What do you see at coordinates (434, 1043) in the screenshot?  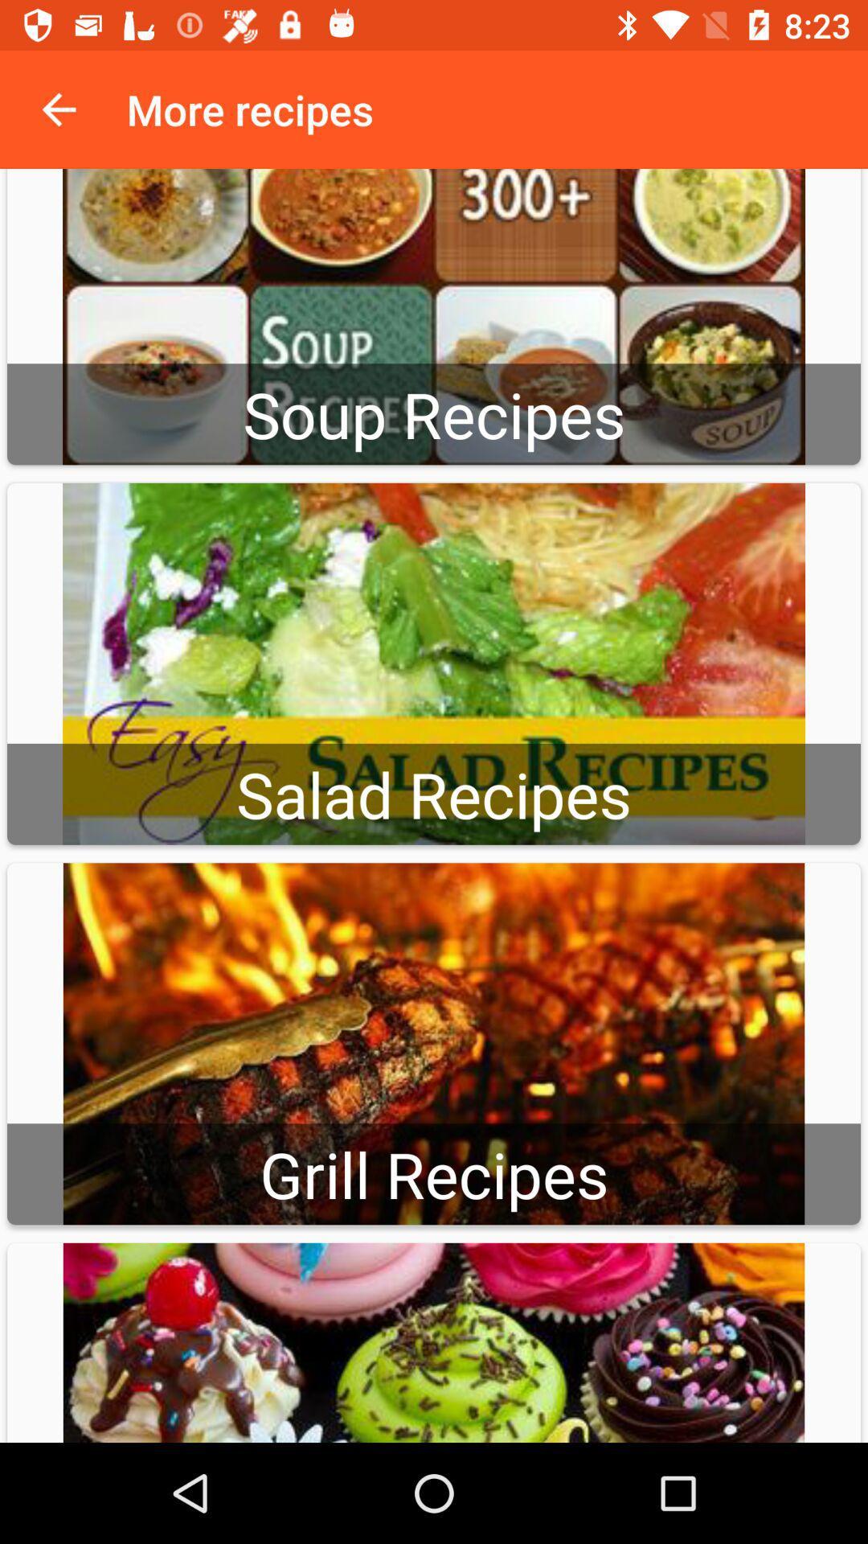 I see `the image grill recipes` at bounding box center [434, 1043].